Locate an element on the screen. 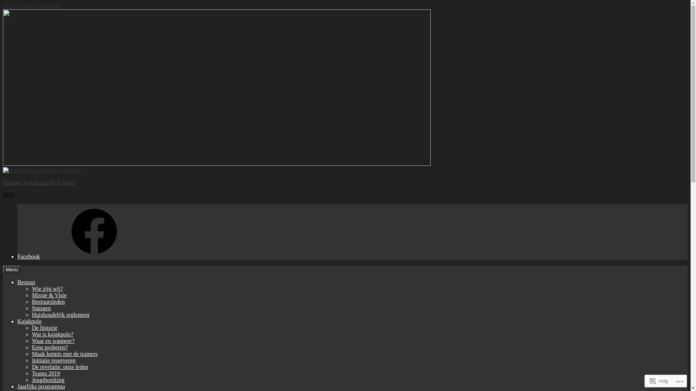 The width and height of the screenshot is (696, 391). 'Naar de inhoud springen' is located at coordinates (31, 6).